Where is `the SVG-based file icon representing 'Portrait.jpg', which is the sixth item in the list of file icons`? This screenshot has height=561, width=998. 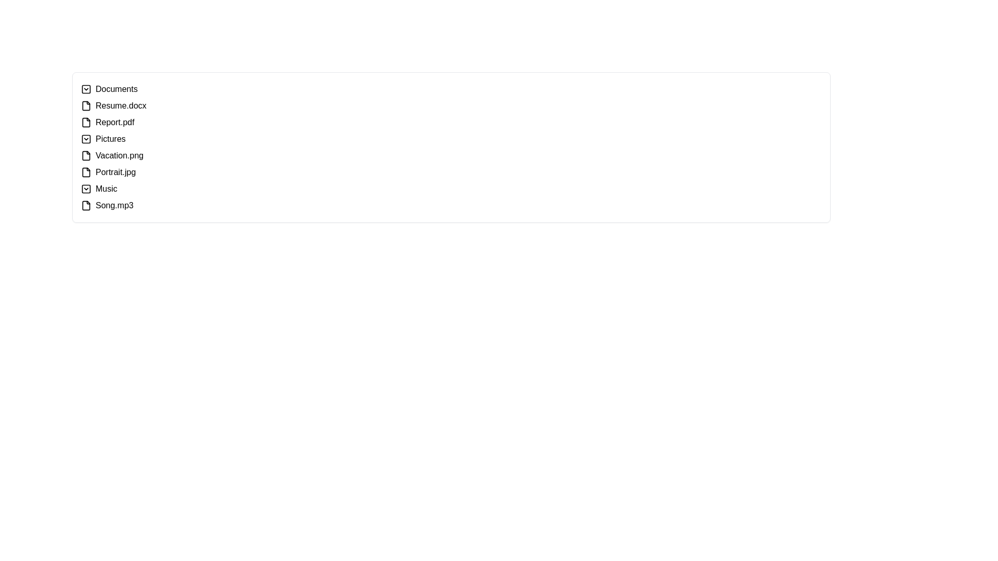
the SVG-based file icon representing 'Portrait.jpg', which is the sixth item in the list of file icons is located at coordinates (86, 171).